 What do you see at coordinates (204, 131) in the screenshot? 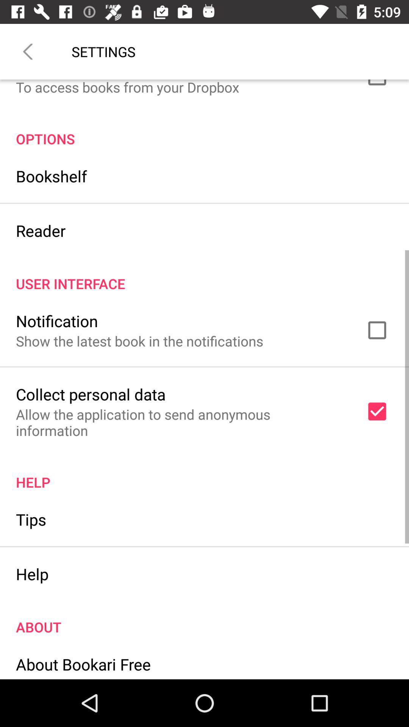
I see `the options` at bounding box center [204, 131].